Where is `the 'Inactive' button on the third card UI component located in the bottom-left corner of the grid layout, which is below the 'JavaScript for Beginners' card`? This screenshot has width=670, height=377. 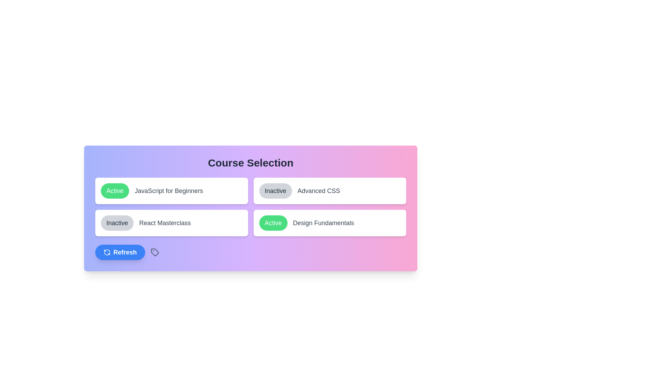 the 'Inactive' button on the third card UI component located in the bottom-left corner of the grid layout, which is below the 'JavaScript for Beginners' card is located at coordinates (171, 223).